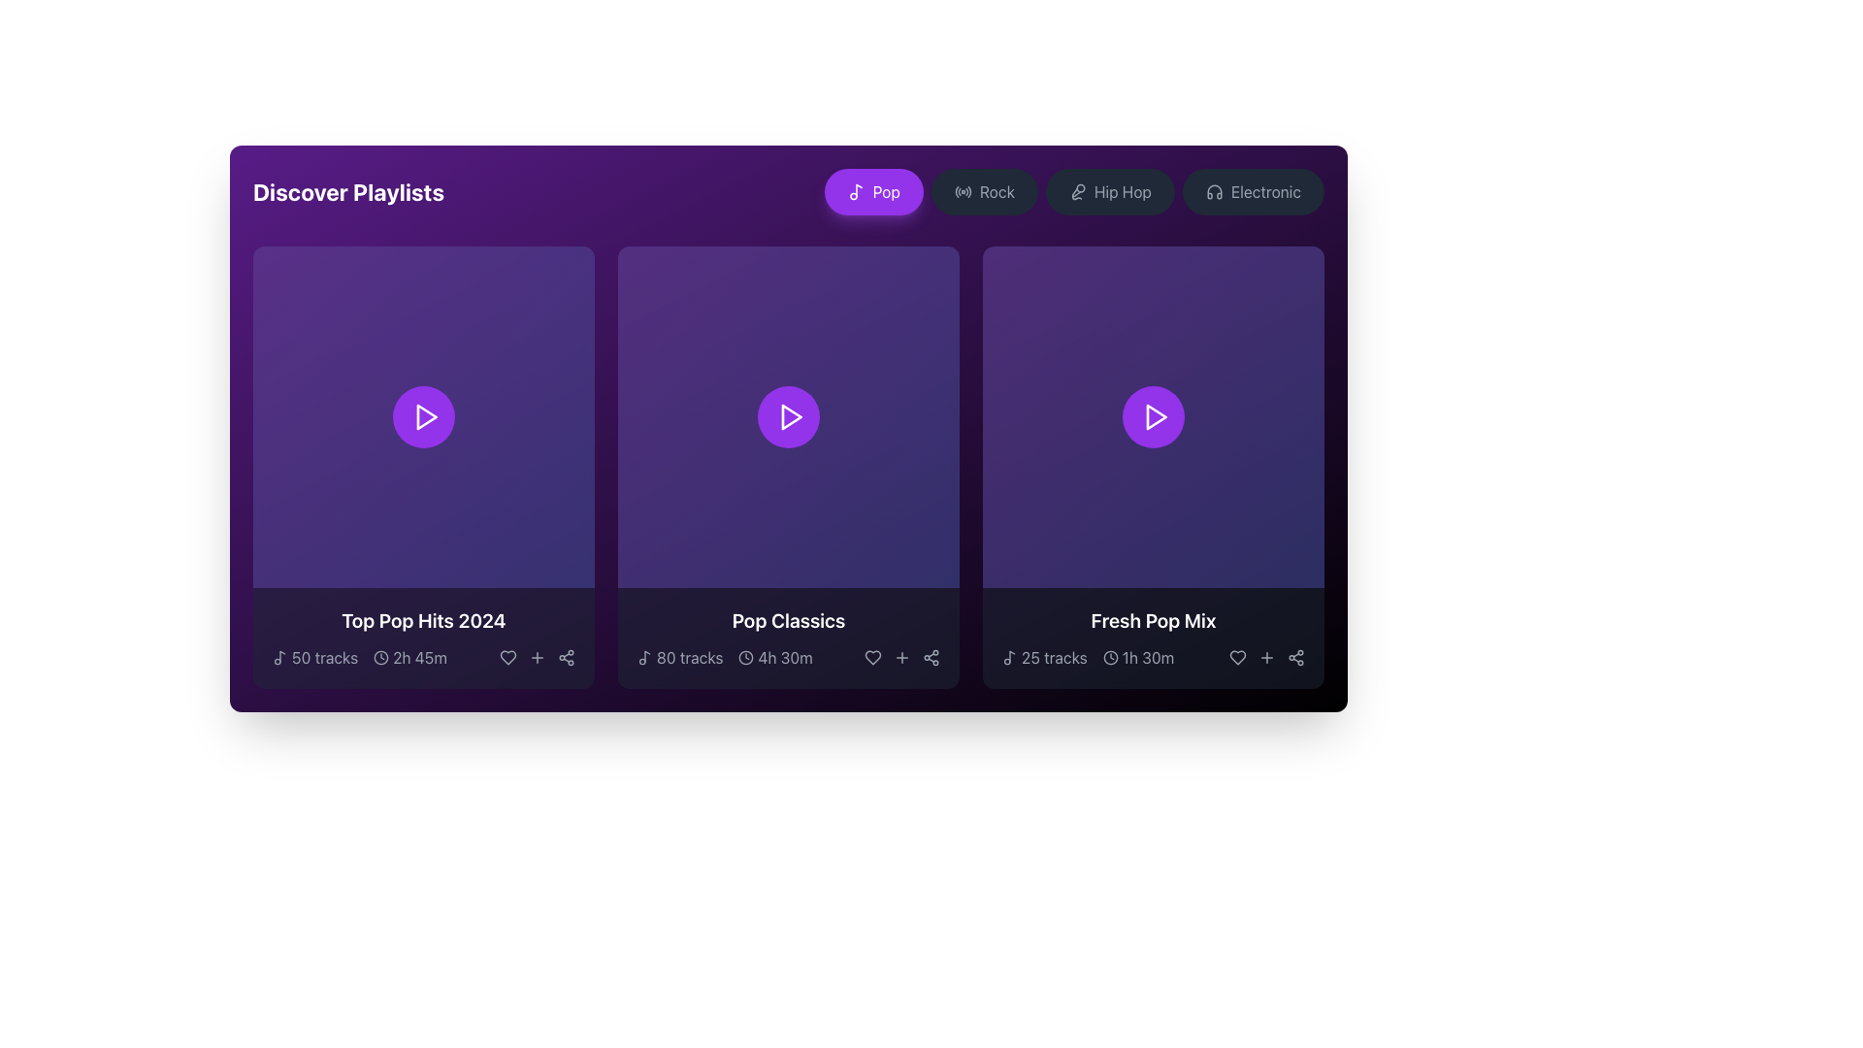 Image resolution: width=1863 pixels, height=1048 pixels. What do you see at coordinates (1154, 621) in the screenshot?
I see `the text label displaying 'Fresh Pop Mix', which is styled in bold and large white font against a dark background, located at the center of the bottom segment of the rightmost playlist card` at bounding box center [1154, 621].